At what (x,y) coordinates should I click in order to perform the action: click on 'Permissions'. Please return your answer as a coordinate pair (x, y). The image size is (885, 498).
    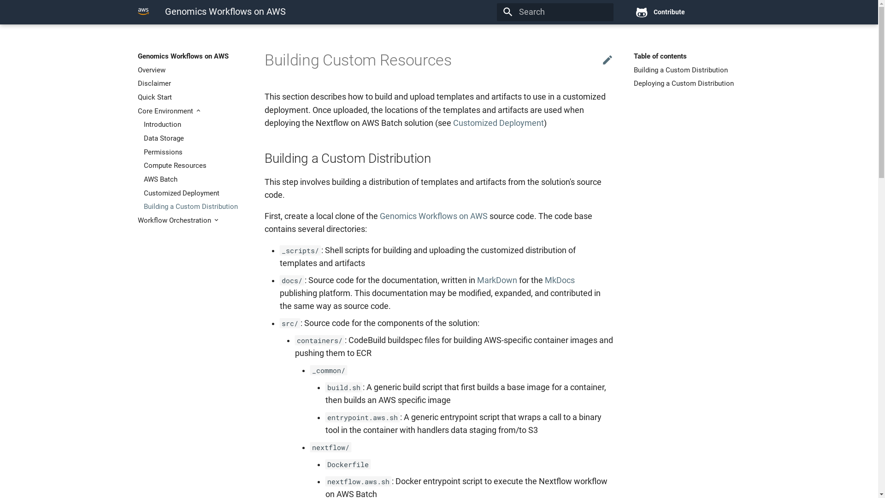
    Looking at the image, I should click on (143, 152).